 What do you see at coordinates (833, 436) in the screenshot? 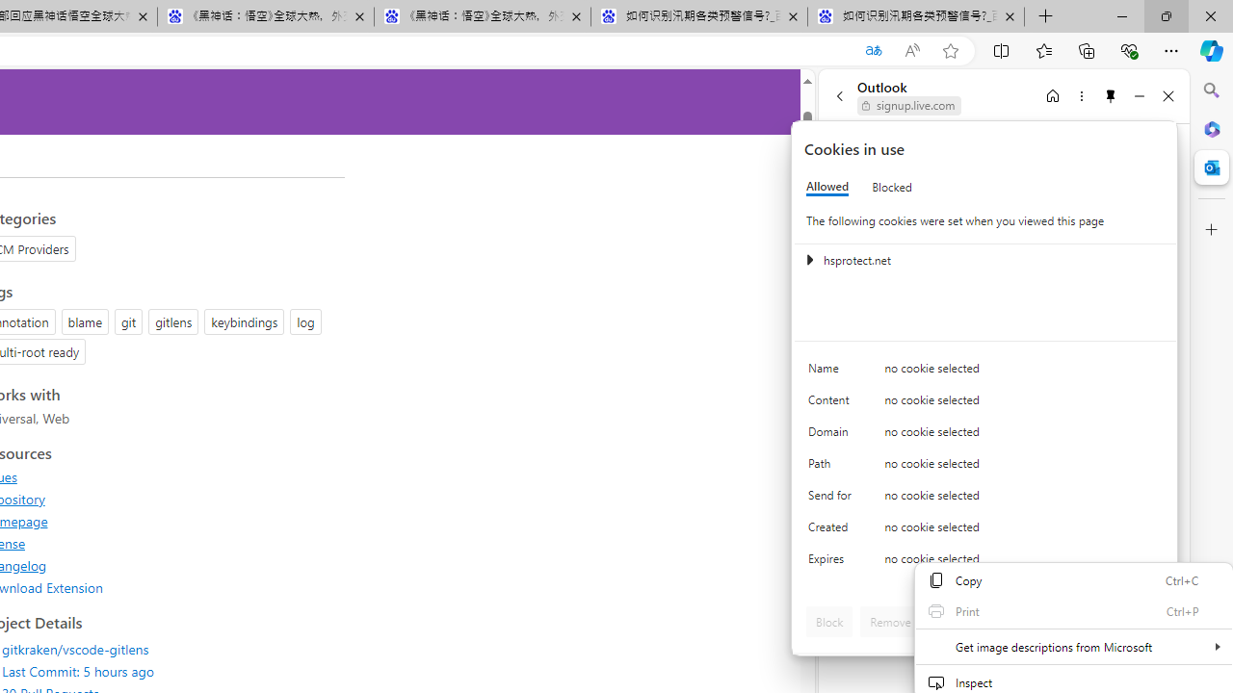
I see `'Domain'` at bounding box center [833, 436].